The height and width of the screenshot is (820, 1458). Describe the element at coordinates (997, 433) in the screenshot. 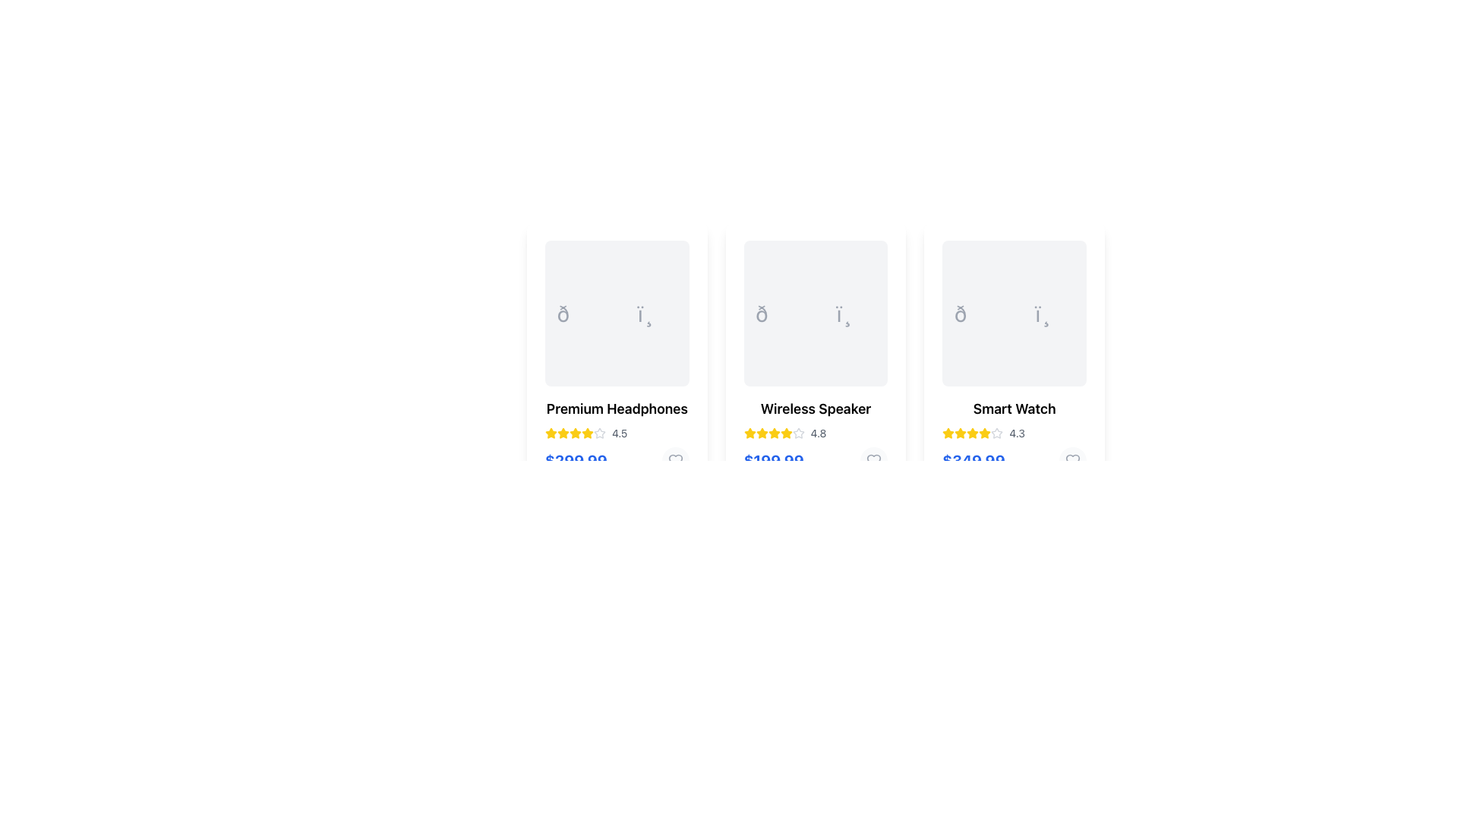

I see `the fifth star icon in the rating system, which is outlined in gray and located below the product title 'Smart Watch'` at that location.